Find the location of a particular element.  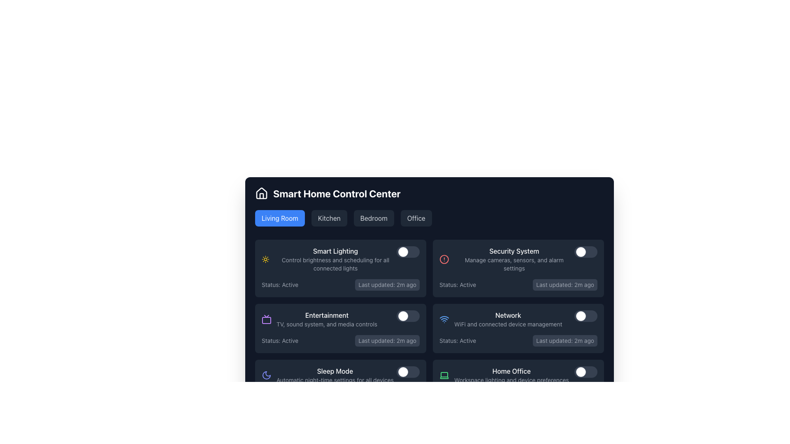

status information displayed in the textual information block labeled 'Status: Active' located at the bottom of the 'Sleep Mode' card is located at coordinates (341, 396).